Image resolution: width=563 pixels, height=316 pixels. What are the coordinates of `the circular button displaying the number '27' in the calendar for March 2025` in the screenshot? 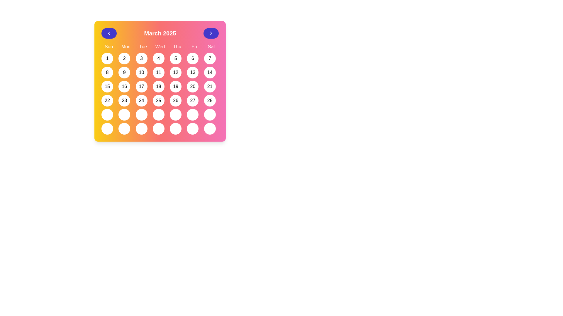 It's located at (193, 100).